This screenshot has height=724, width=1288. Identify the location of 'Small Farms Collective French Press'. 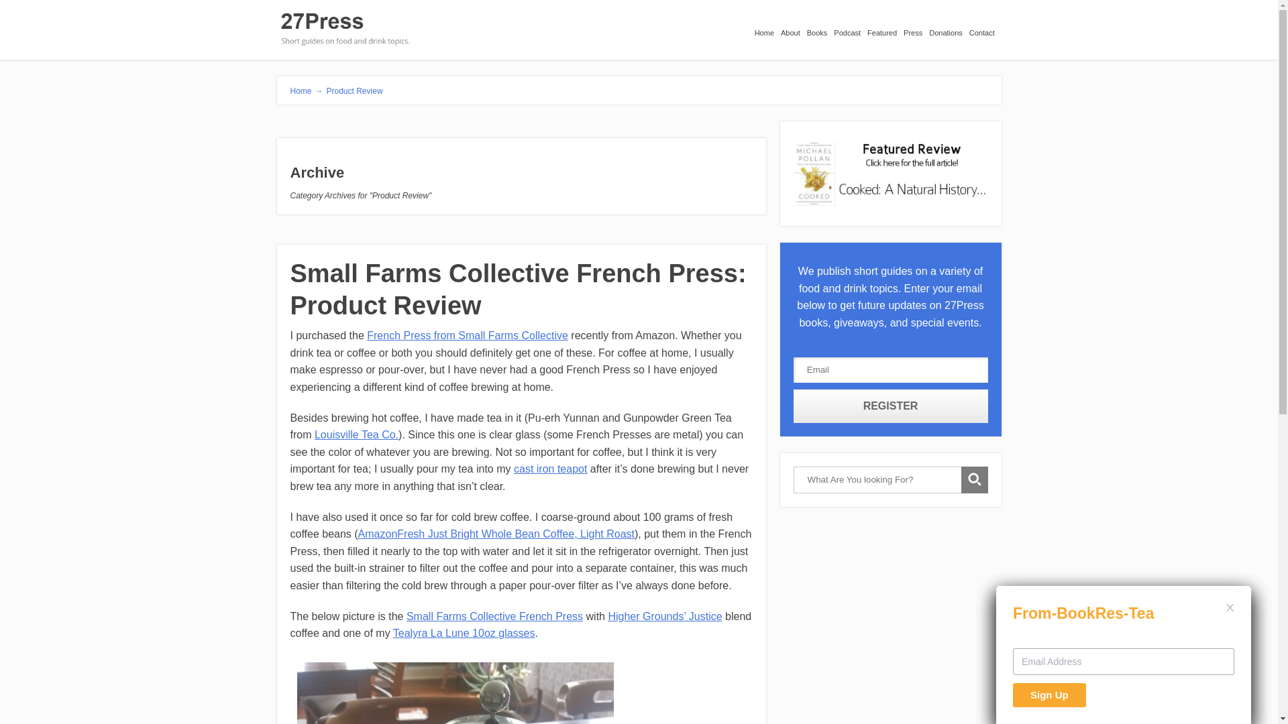
(494, 616).